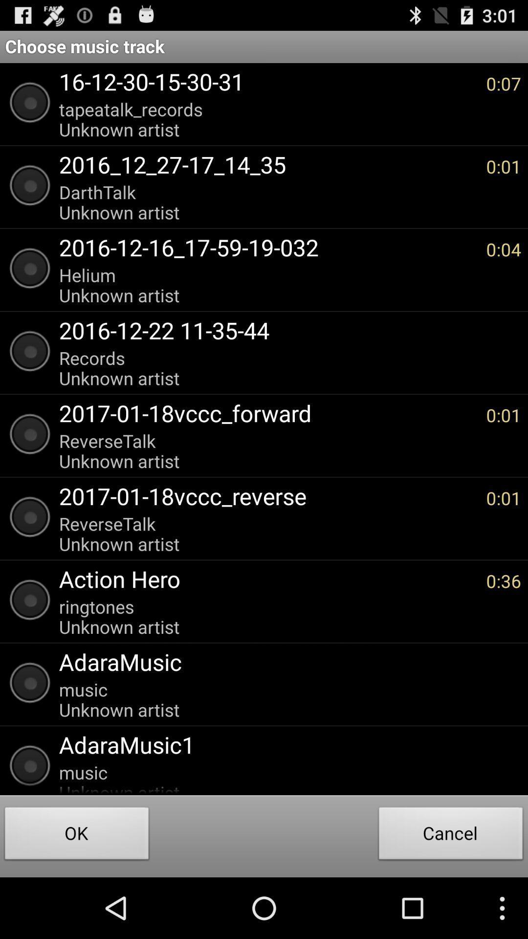 The height and width of the screenshot is (939, 528). What do you see at coordinates (451, 835) in the screenshot?
I see `icon to the right of ok button` at bounding box center [451, 835].